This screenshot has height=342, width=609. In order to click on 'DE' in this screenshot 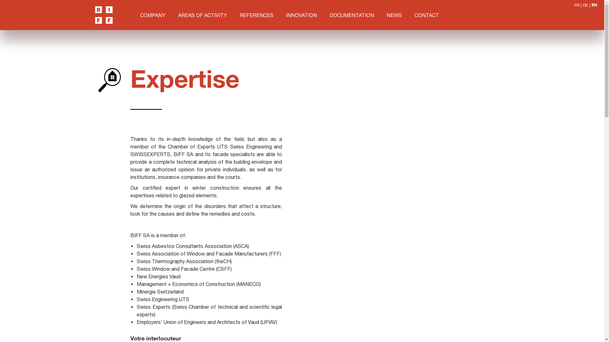, I will do `click(585, 5)`.